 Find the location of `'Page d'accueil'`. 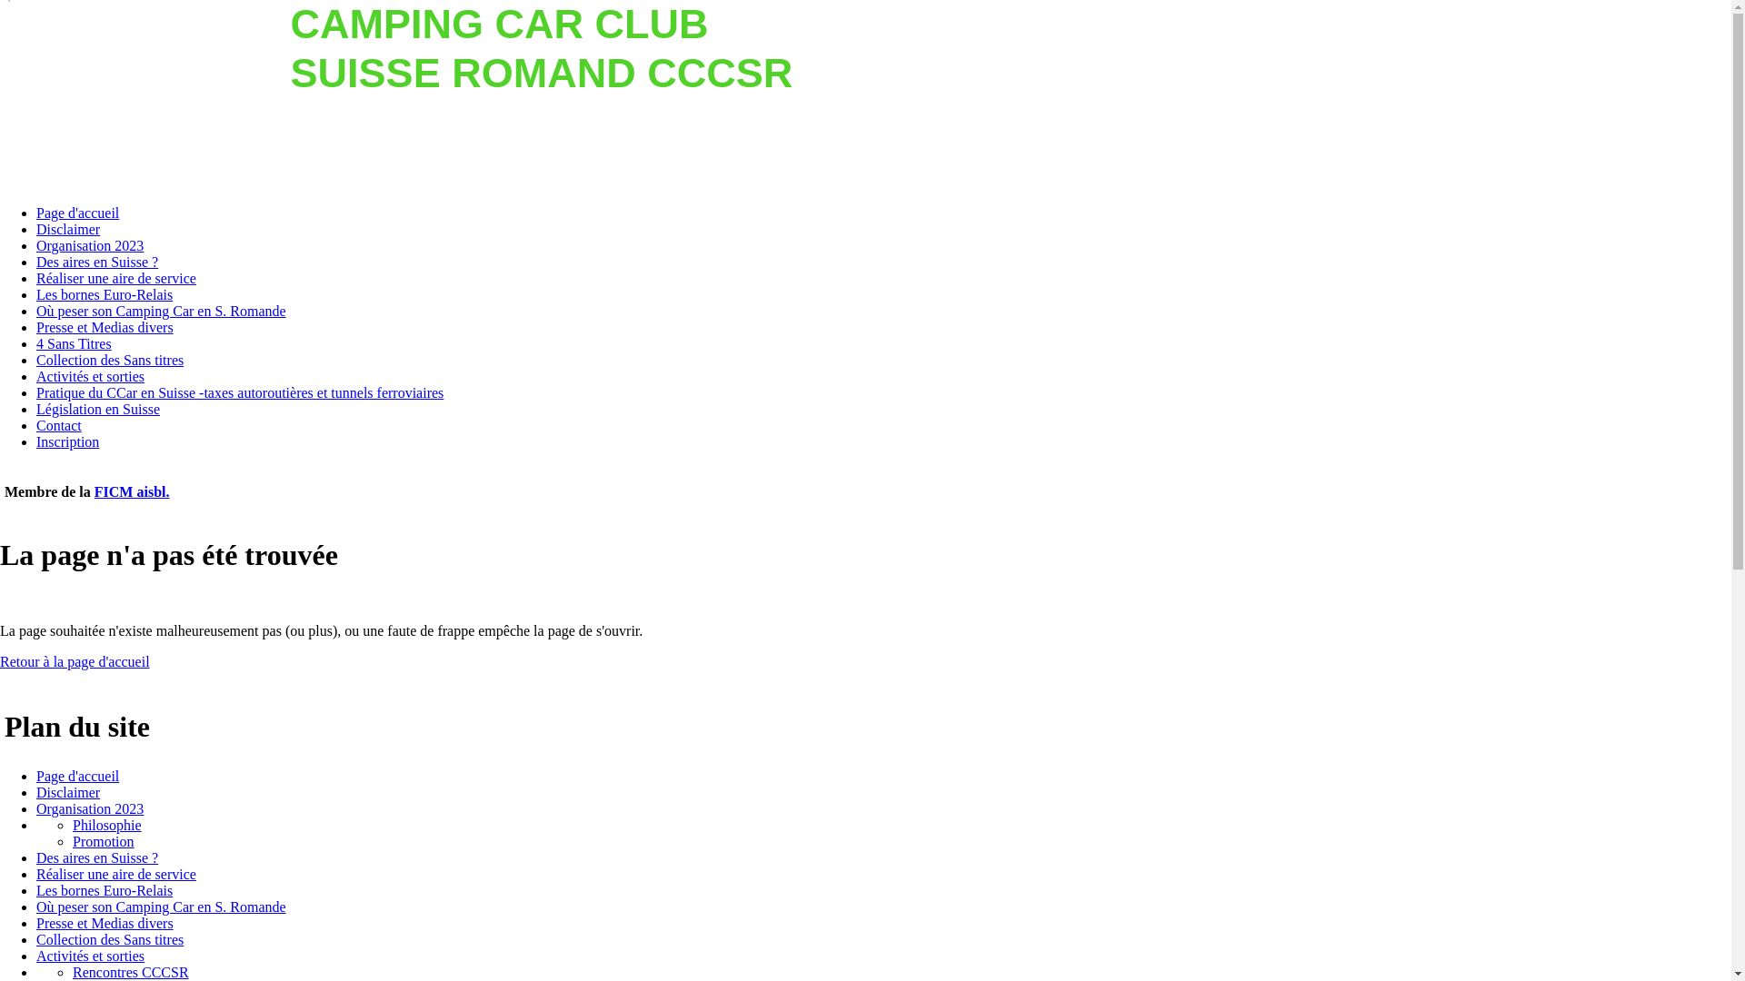

'Page d'accueil' is located at coordinates (76, 776).